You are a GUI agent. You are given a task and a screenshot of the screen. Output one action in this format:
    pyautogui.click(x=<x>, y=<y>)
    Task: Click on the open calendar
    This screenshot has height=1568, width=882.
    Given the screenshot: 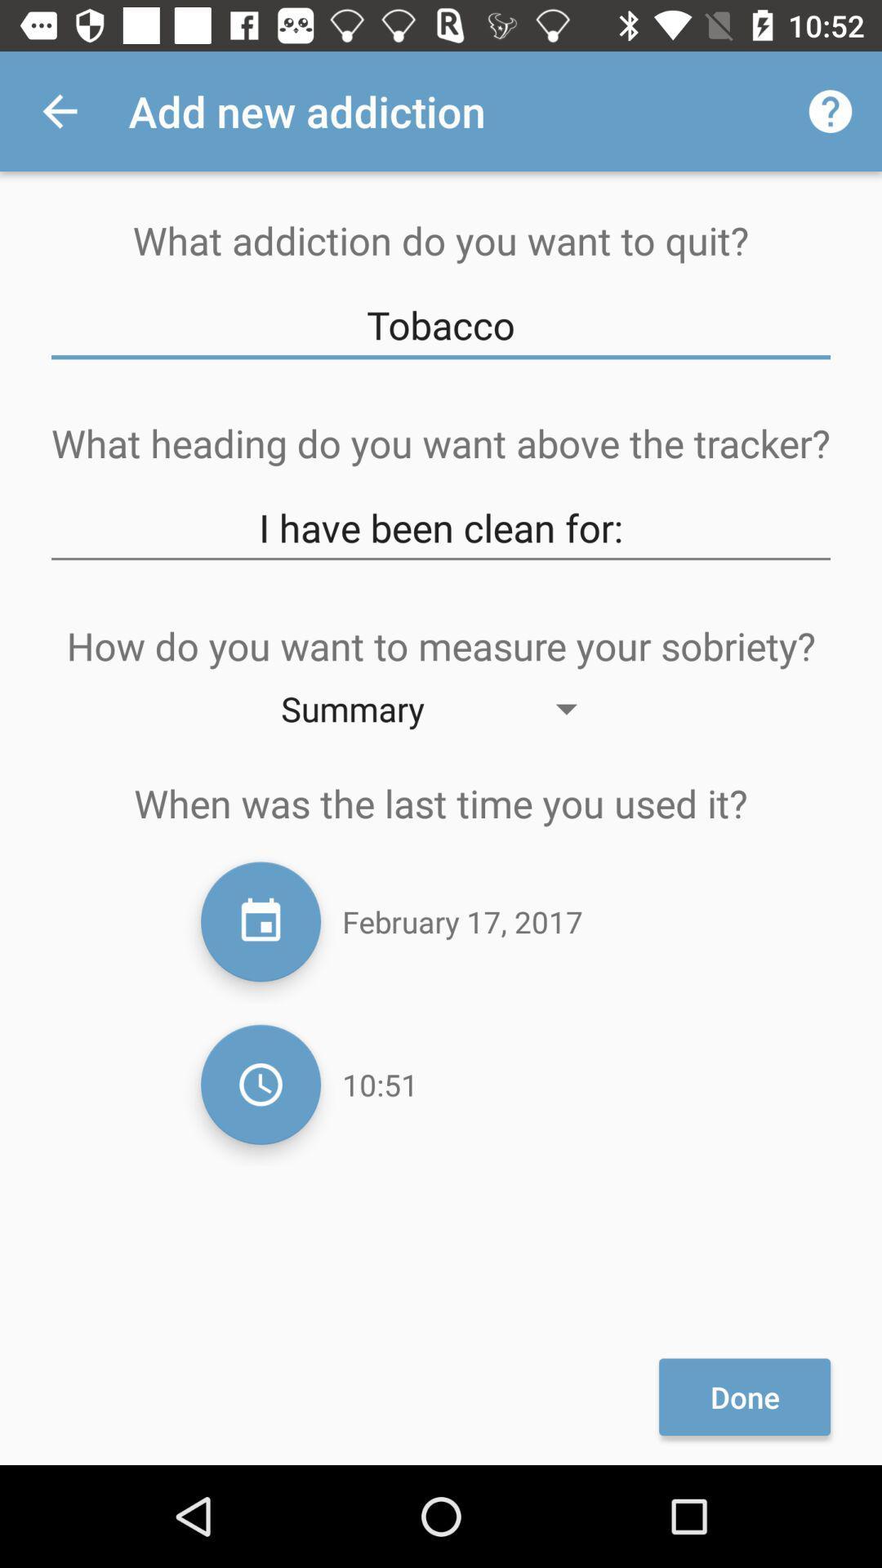 What is the action you would take?
    pyautogui.click(x=260, y=921)
    